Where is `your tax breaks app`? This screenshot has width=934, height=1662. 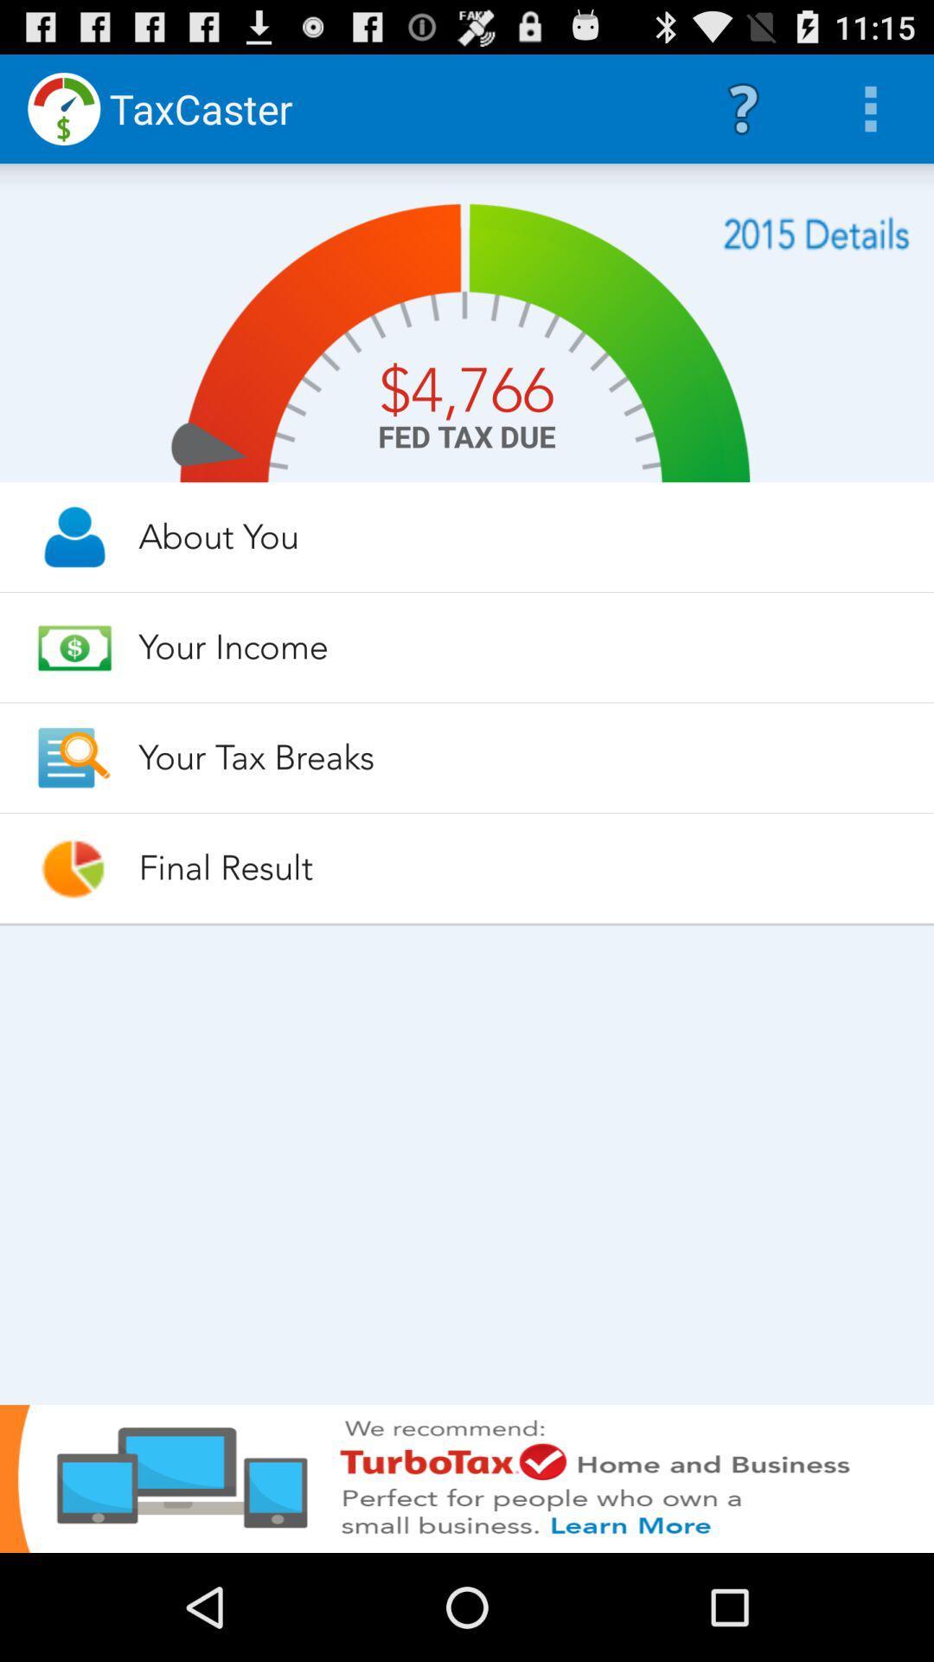
your tax breaks app is located at coordinates (520, 757).